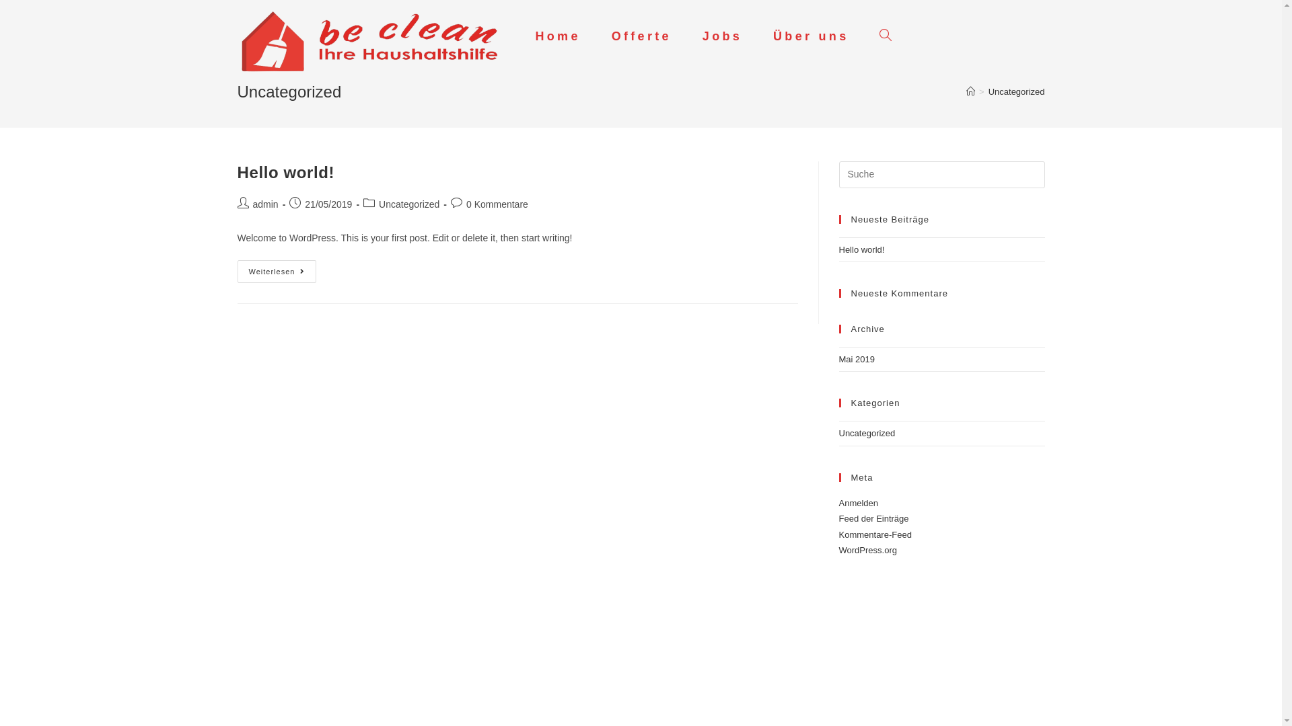  I want to click on 'Home', so click(557, 36).